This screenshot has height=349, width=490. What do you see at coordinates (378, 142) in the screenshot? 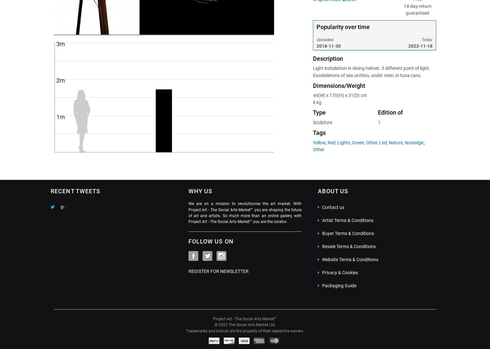
I see `'Led'` at bounding box center [378, 142].